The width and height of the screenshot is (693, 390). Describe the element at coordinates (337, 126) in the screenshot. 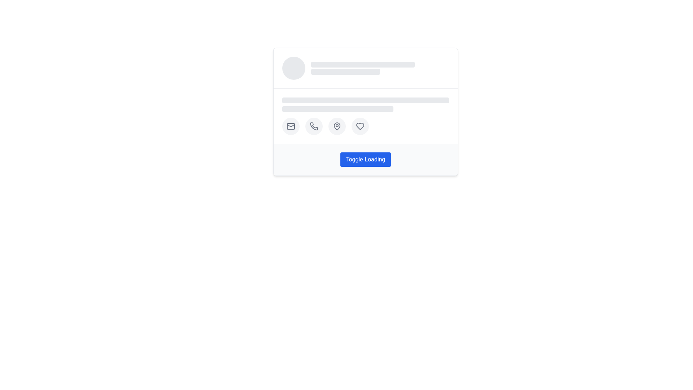

I see `the third button from the left in a horizontal group of five buttons under the user profile display` at that location.